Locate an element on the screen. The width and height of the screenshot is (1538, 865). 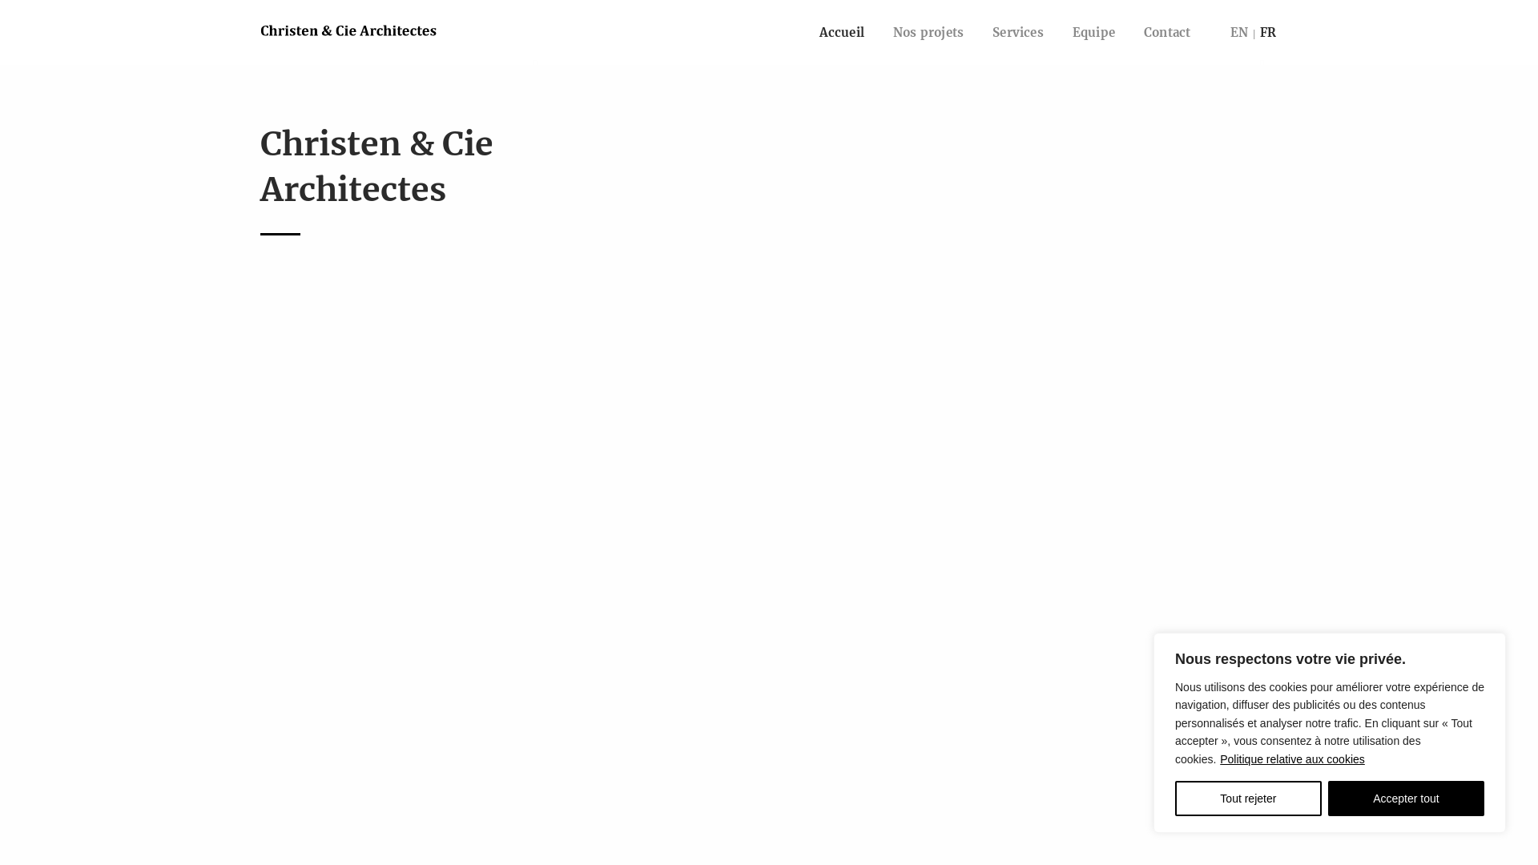
'Politique relative aux cookies' is located at coordinates (1218, 758).